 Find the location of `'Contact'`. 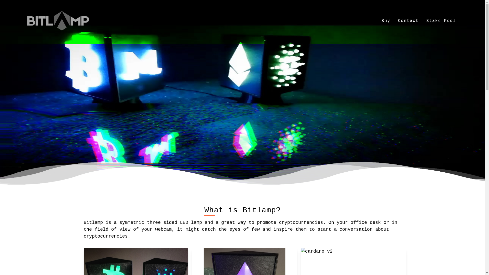

'Contact' is located at coordinates (408, 20).